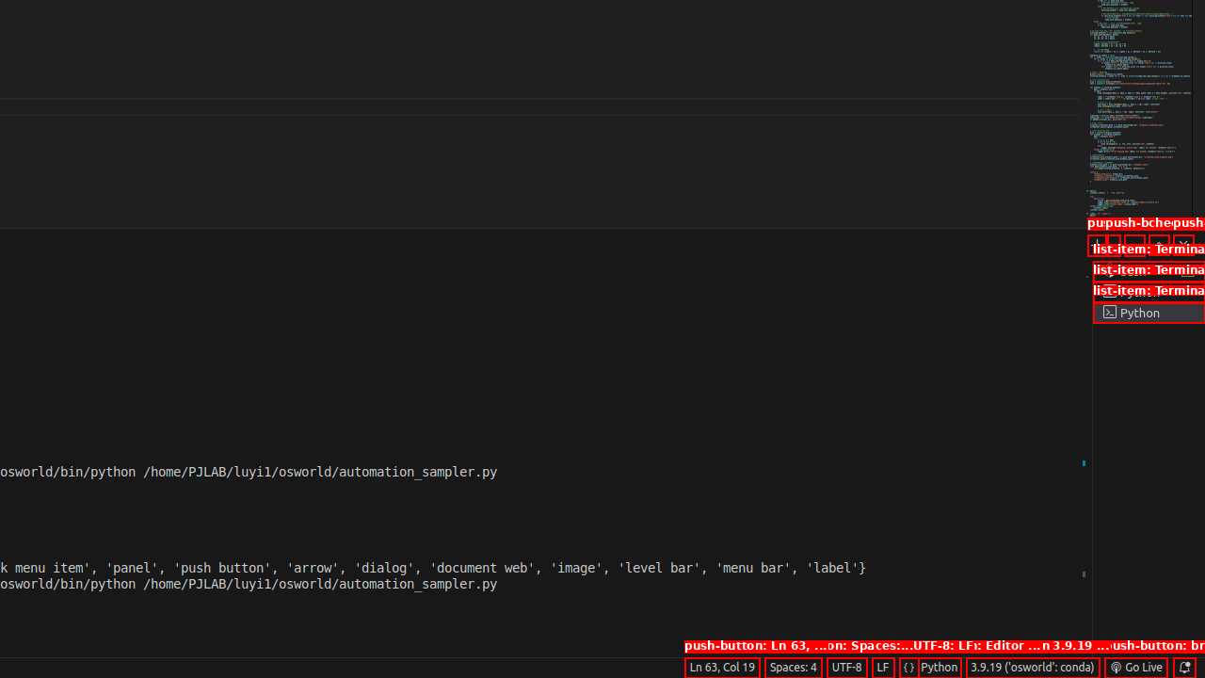  Describe the element at coordinates (793, 666) in the screenshot. I see `'Spaces: 4'` at that location.